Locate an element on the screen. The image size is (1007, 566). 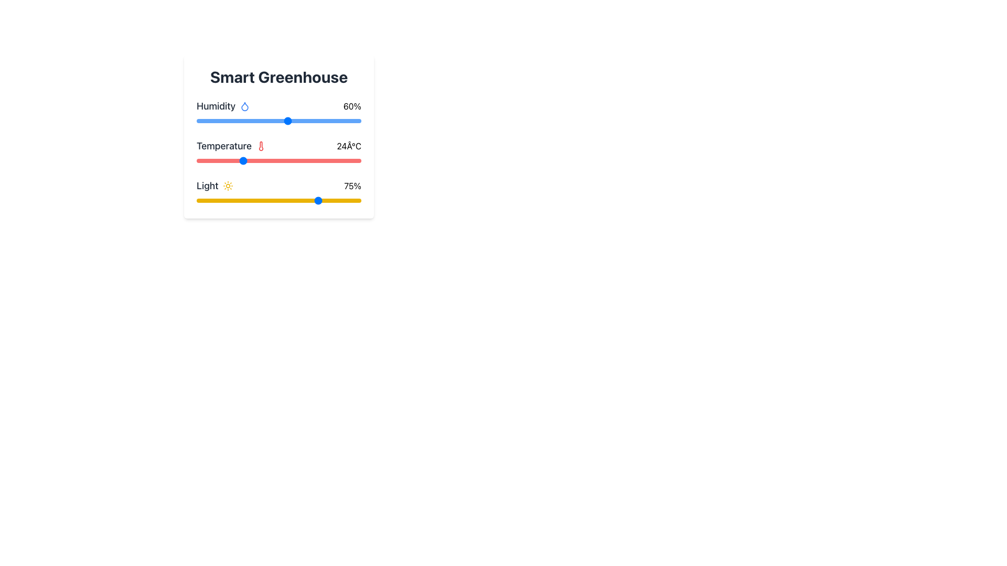
the temperature is located at coordinates (256, 161).